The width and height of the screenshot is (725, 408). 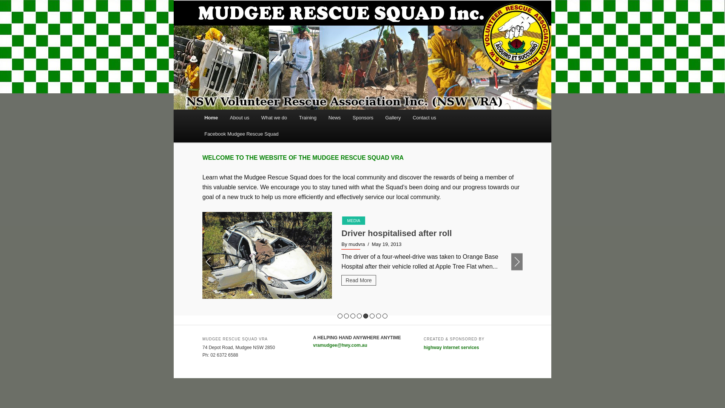 What do you see at coordinates (339, 316) in the screenshot?
I see `'1'` at bounding box center [339, 316].